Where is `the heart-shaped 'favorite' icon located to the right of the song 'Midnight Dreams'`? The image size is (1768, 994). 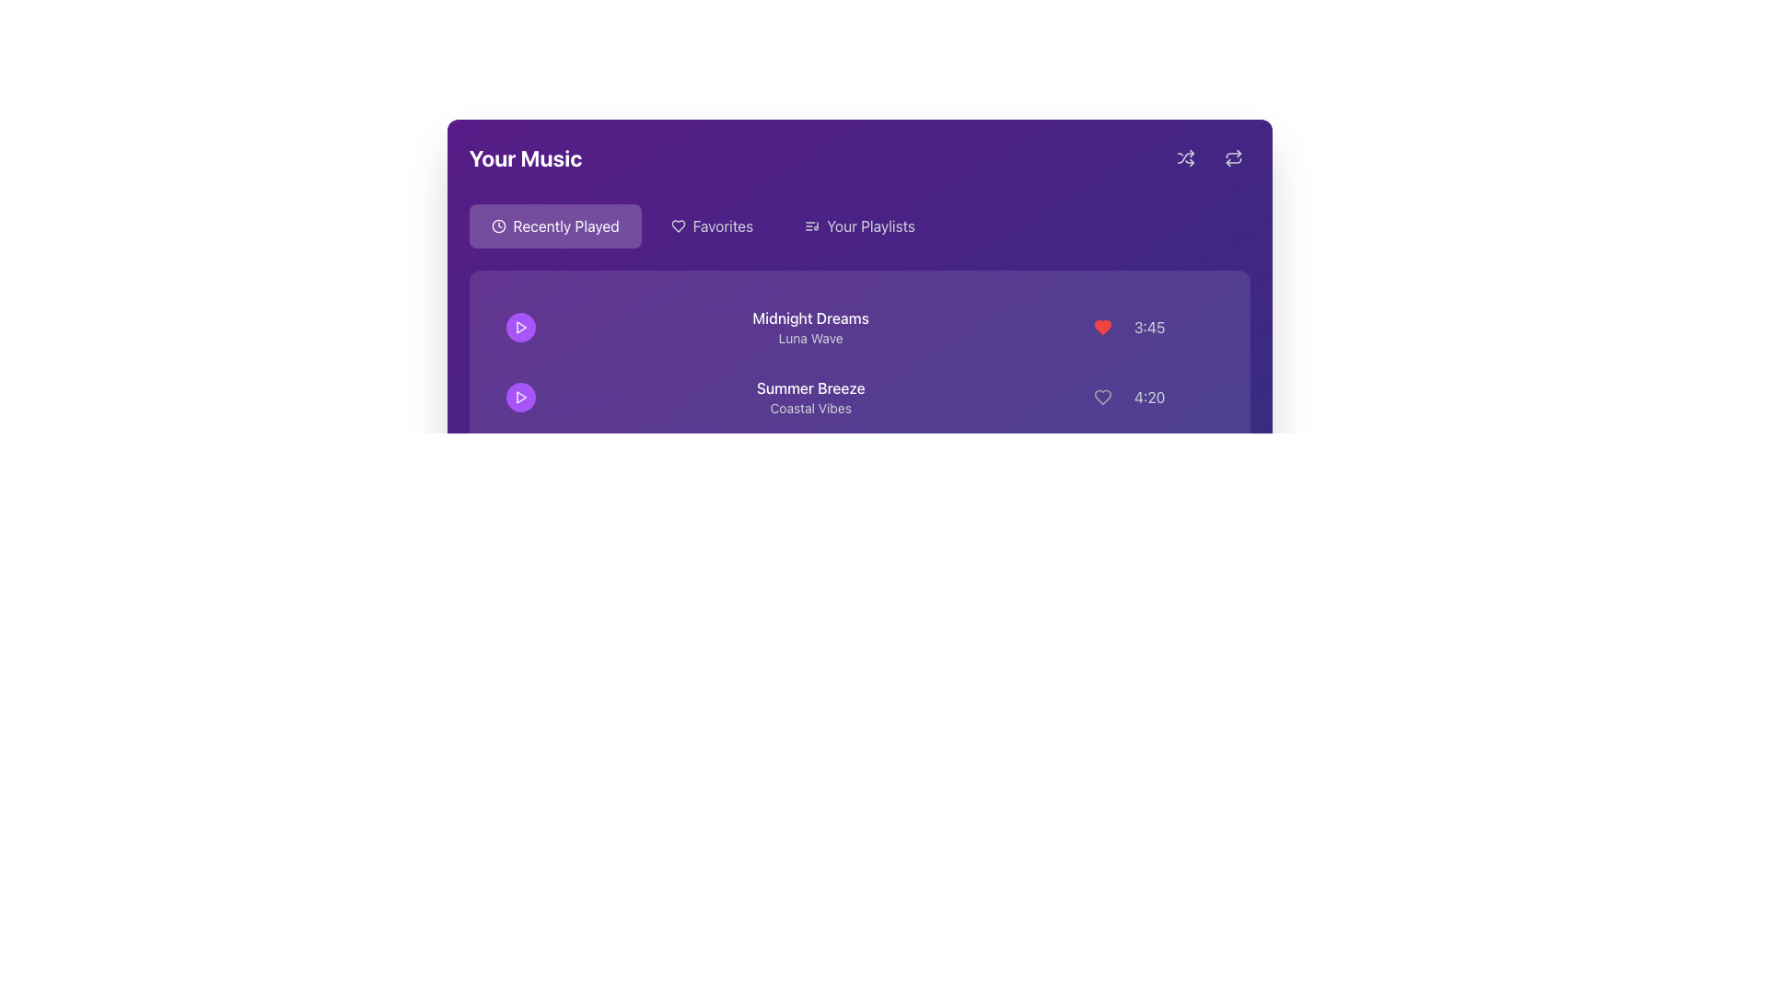 the heart-shaped 'favorite' icon located to the right of the song 'Midnight Dreams' is located at coordinates (1102, 326).